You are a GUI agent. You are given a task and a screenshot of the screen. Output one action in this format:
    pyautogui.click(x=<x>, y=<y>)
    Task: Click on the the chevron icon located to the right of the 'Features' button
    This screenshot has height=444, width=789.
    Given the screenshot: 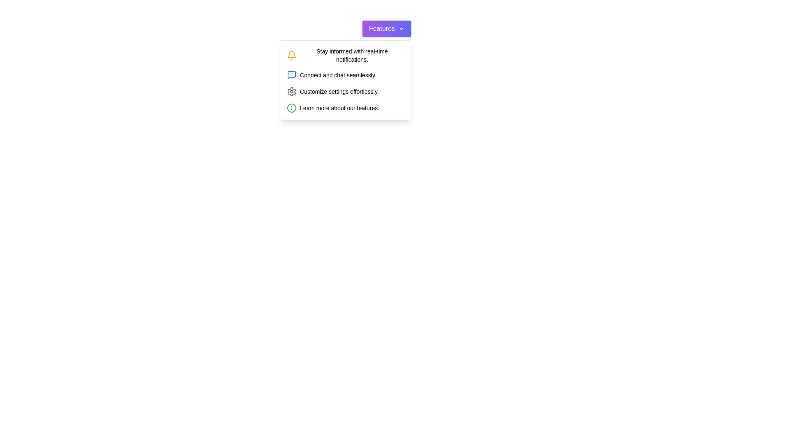 What is the action you would take?
    pyautogui.click(x=401, y=28)
    